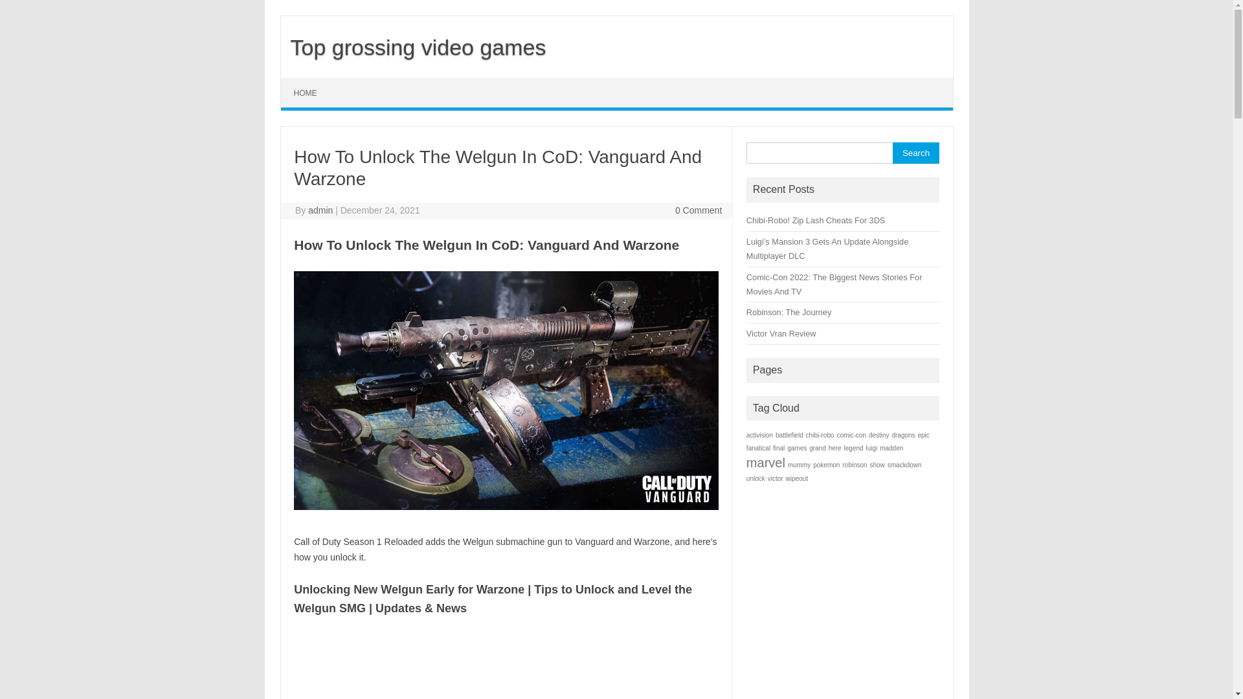  What do you see at coordinates (311, 82) in the screenshot?
I see `'Skip to content'` at bounding box center [311, 82].